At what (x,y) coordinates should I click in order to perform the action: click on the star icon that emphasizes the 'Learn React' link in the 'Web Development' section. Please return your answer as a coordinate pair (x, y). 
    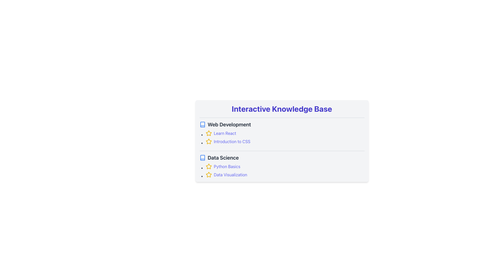
    Looking at the image, I should click on (209, 133).